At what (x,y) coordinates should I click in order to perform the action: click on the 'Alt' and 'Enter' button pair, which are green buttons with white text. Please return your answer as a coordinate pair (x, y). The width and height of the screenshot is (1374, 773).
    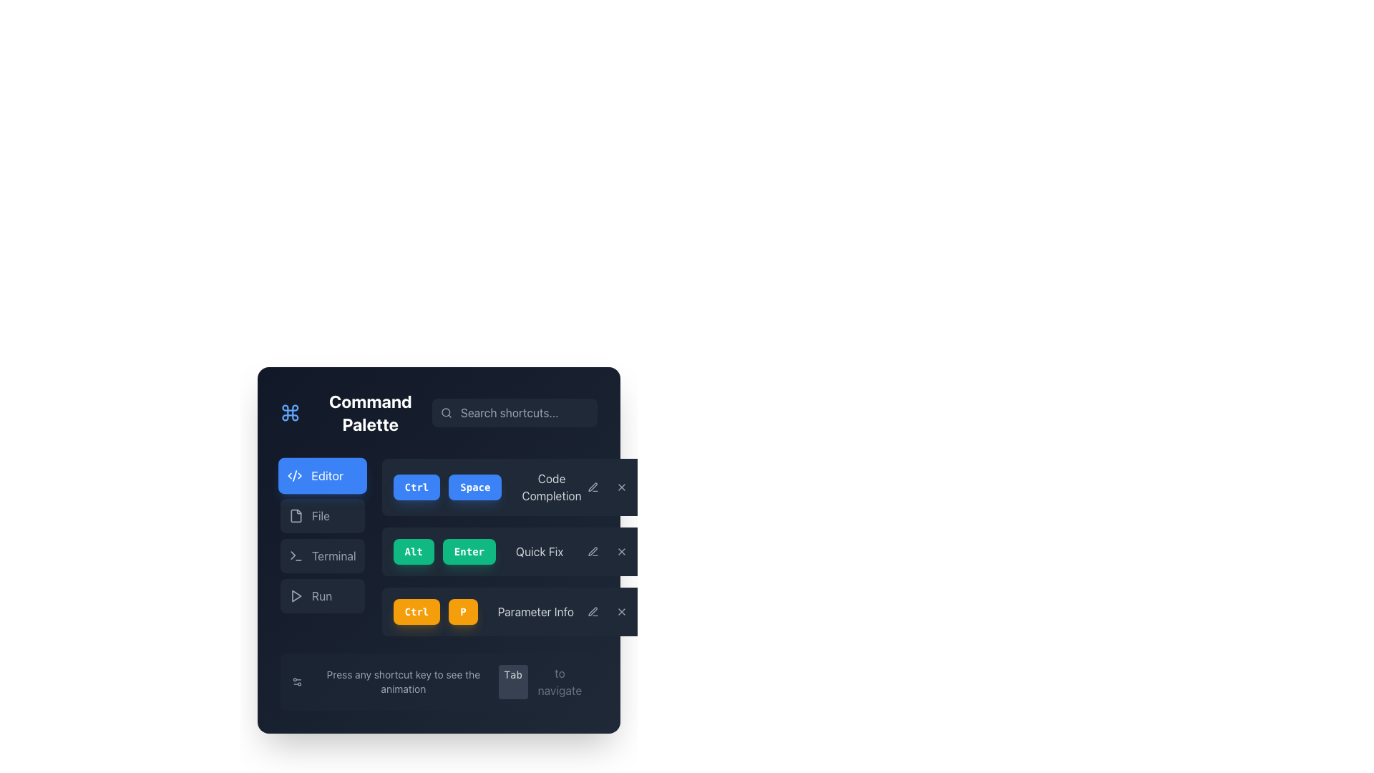
    Looking at the image, I should click on (438, 547).